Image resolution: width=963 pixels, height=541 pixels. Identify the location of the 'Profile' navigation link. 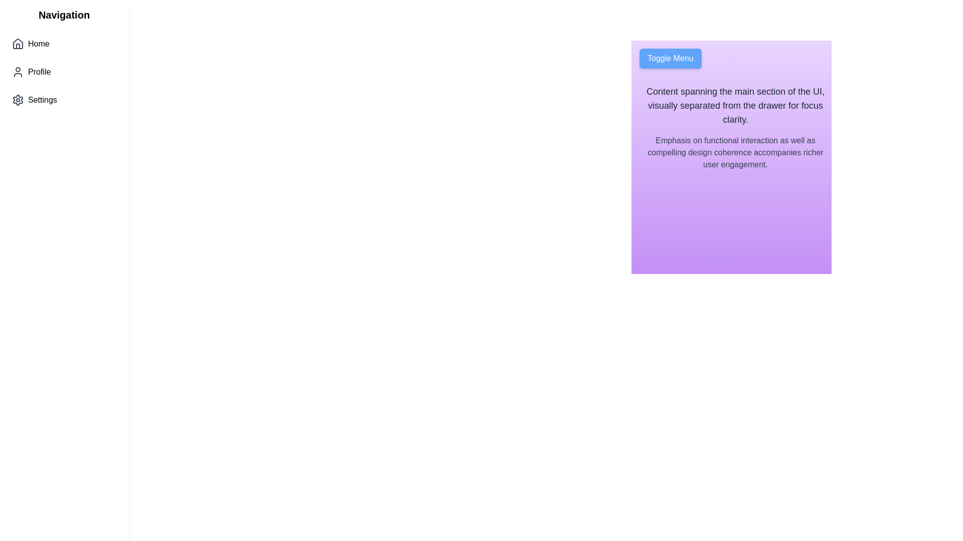
(64, 71).